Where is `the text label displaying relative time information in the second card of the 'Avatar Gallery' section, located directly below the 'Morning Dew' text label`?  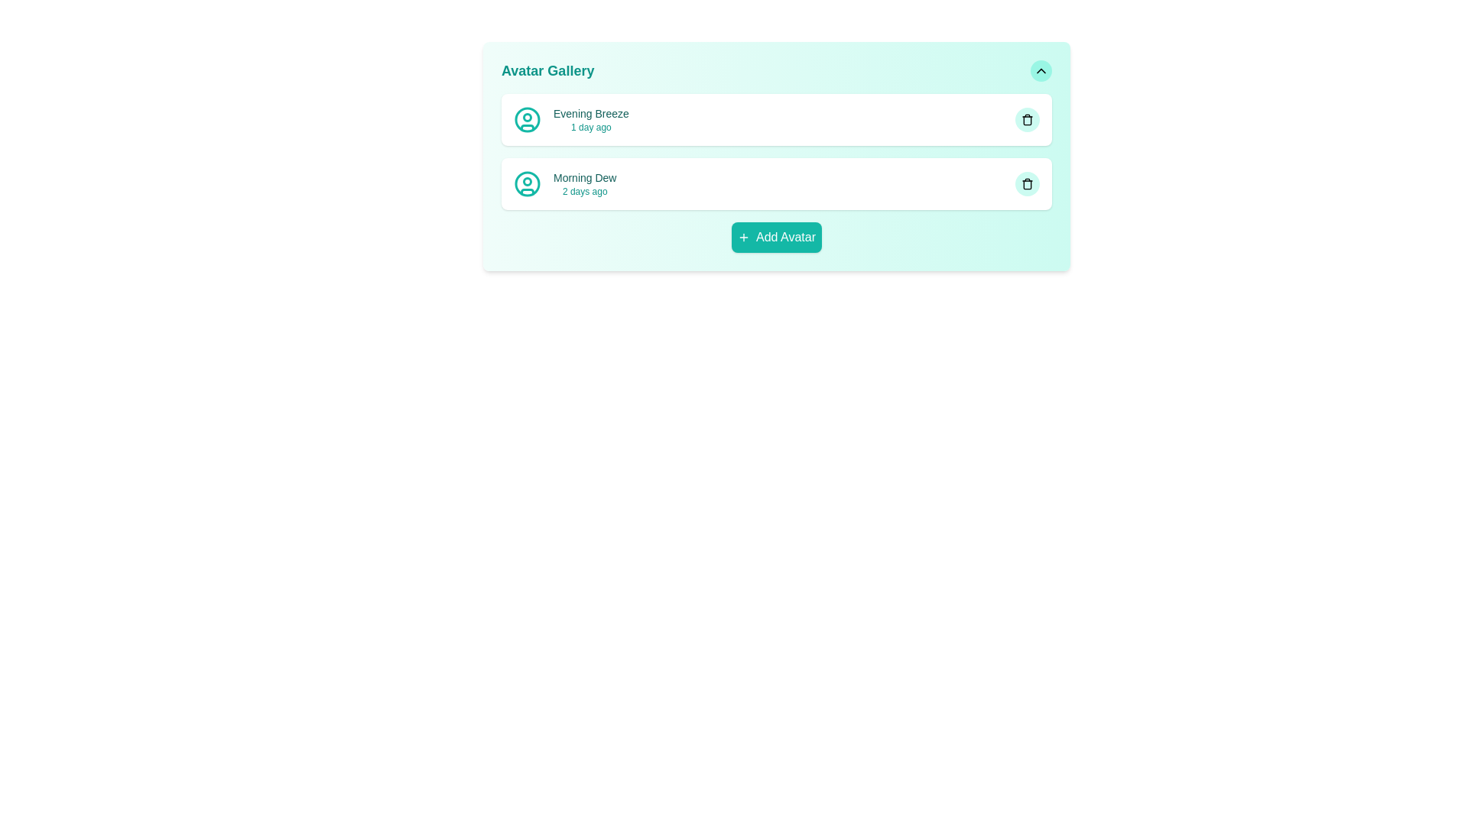 the text label displaying relative time information in the second card of the 'Avatar Gallery' section, located directly below the 'Morning Dew' text label is located at coordinates (584, 190).